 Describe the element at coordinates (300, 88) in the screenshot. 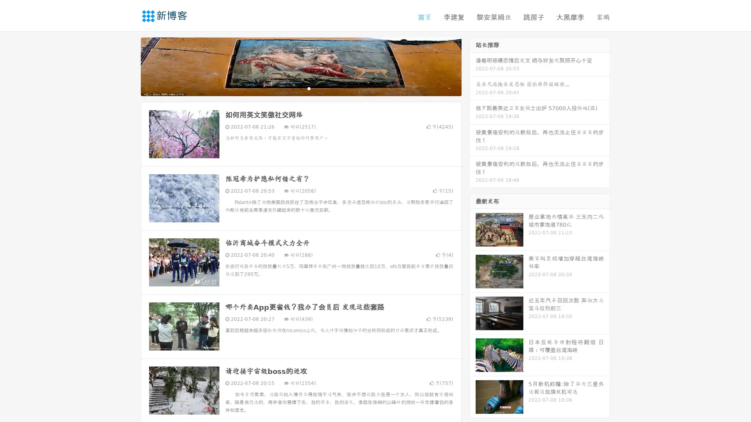

I see `Go to slide 2` at that location.